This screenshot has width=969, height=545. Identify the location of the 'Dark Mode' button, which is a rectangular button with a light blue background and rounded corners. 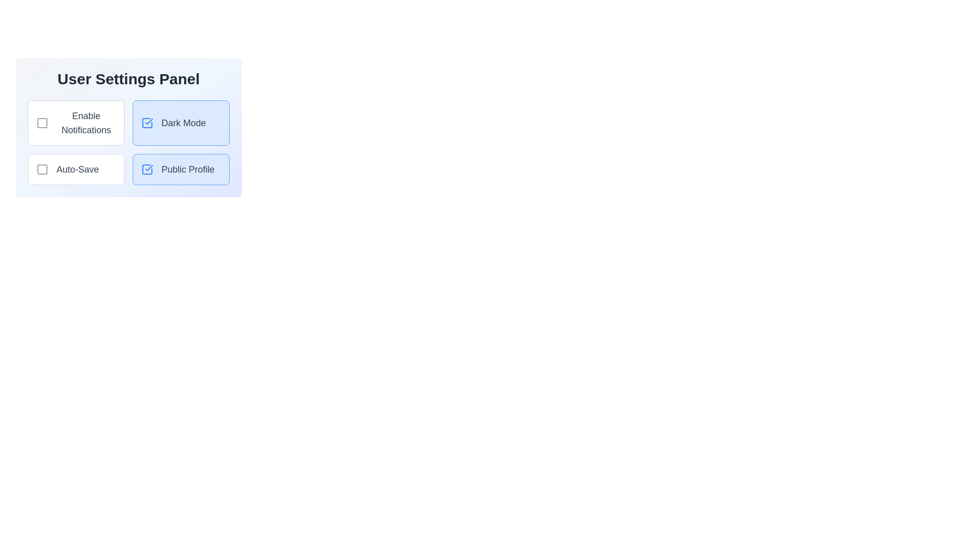
(181, 122).